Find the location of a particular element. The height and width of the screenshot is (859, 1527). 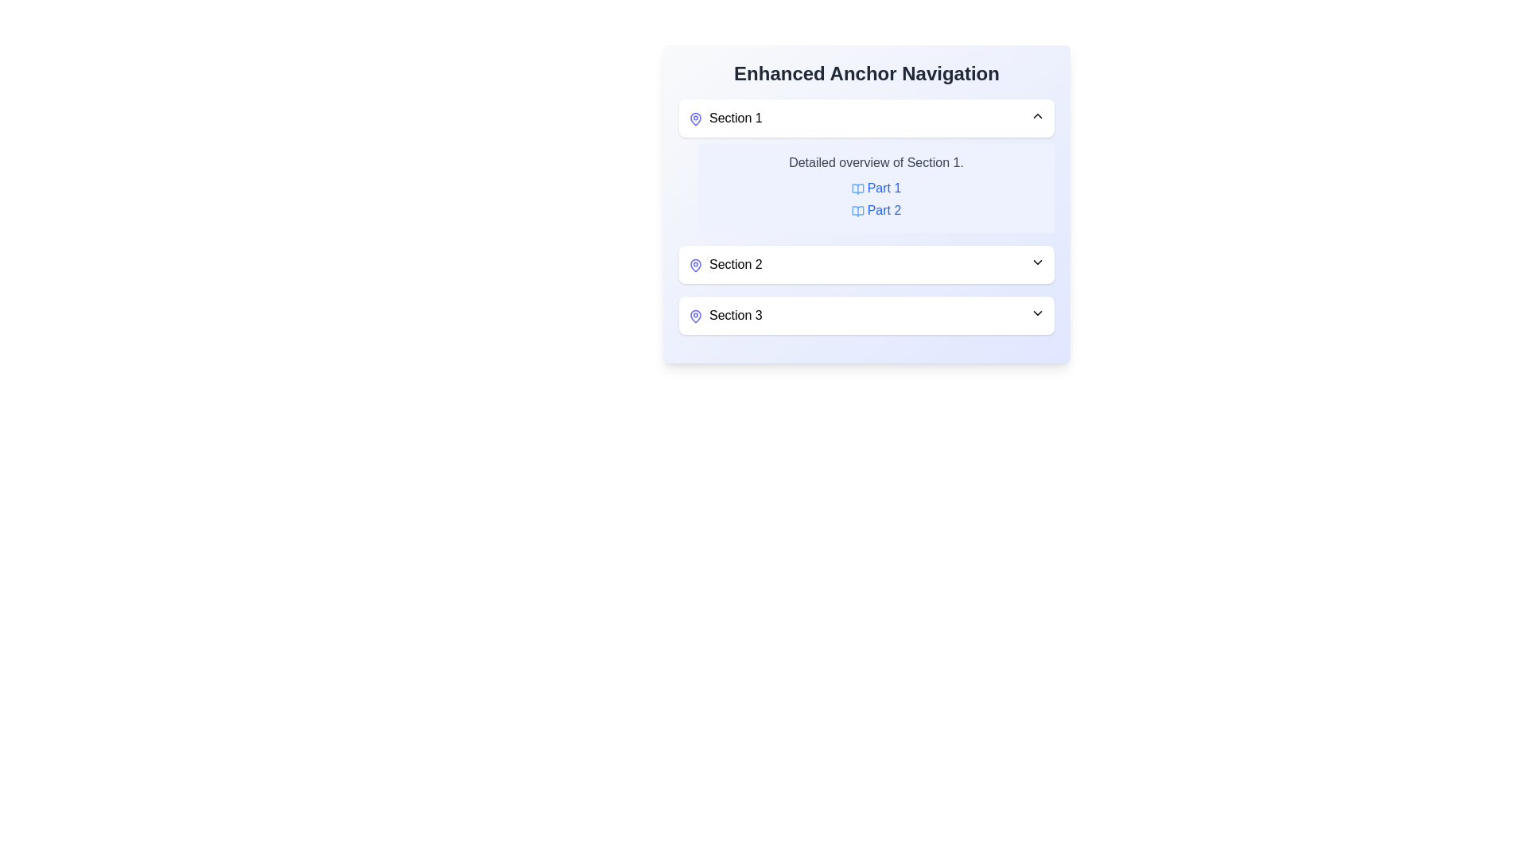

the second map pin icon located immediately to the left of the text 'Section 2' in the navigation menu is located at coordinates (695, 263).